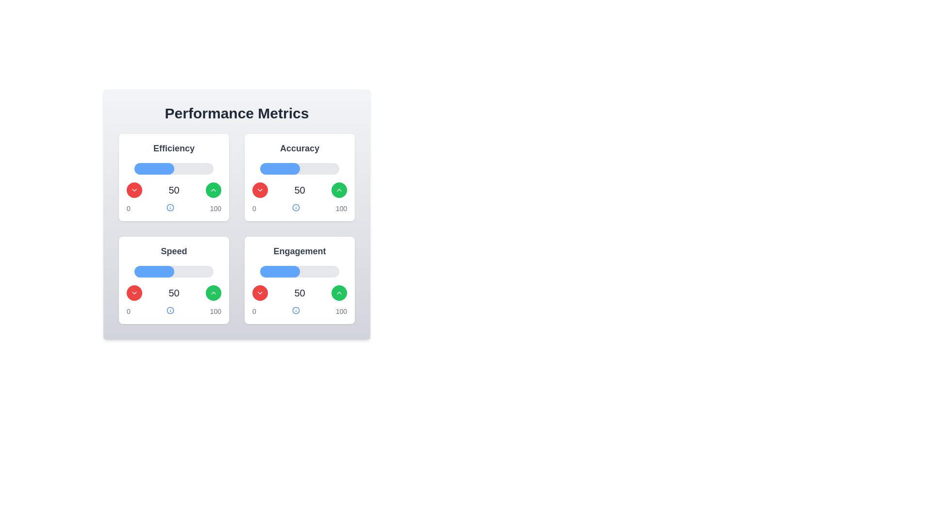 The image size is (932, 524). I want to click on the progress bar located in the 'Engagement' card, positioned below the title 'Engagement' and above the numerical value '50', so click(299, 271).